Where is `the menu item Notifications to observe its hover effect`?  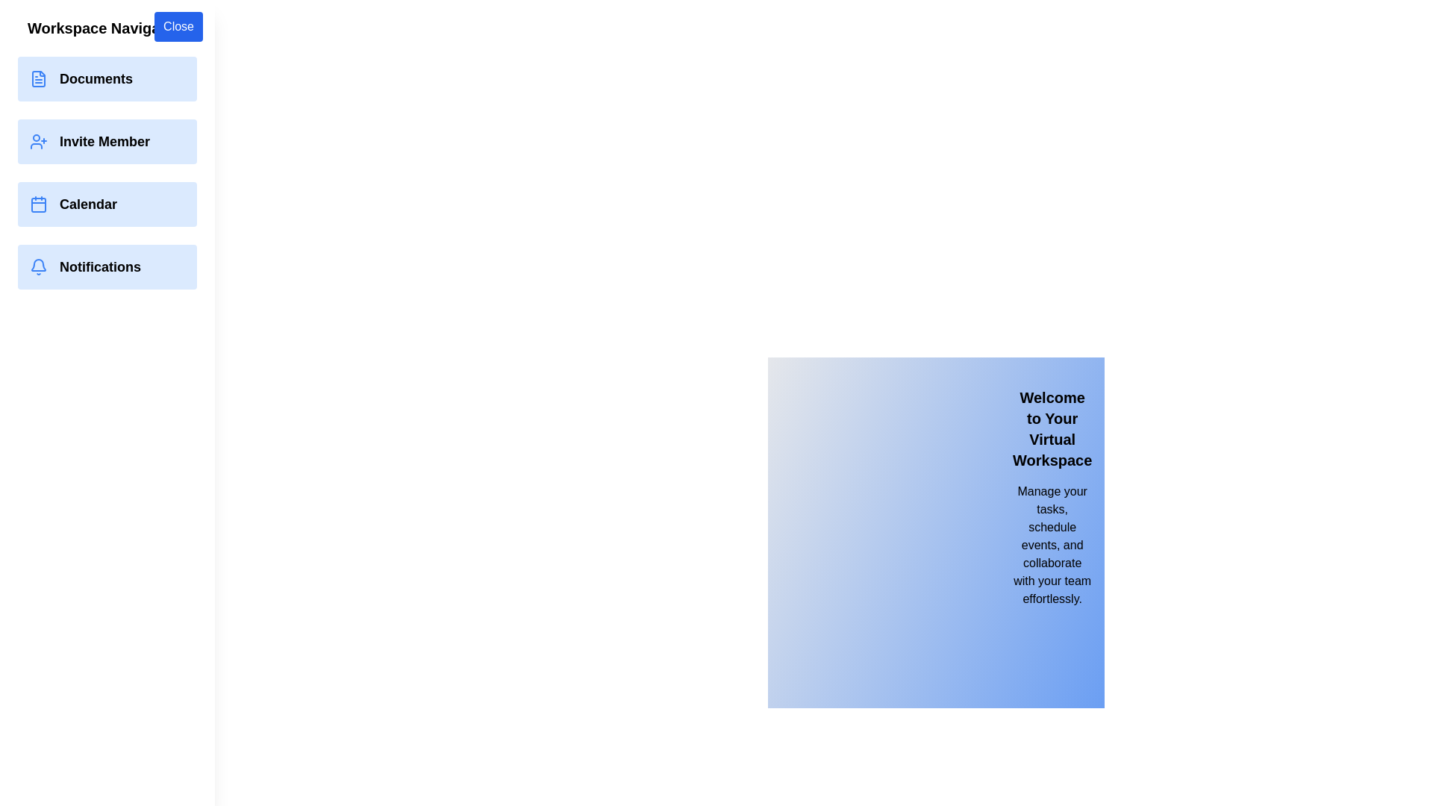
the menu item Notifications to observe its hover effect is located at coordinates (107, 266).